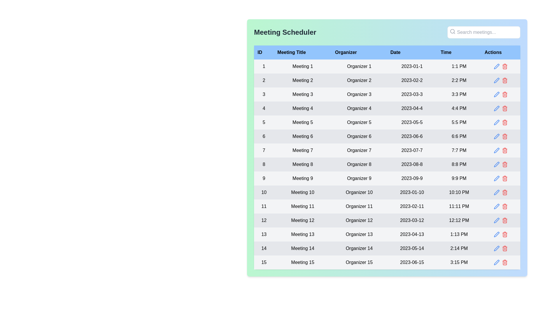 The width and height of the screenshot is (560, 315). Describe the element at coordinates (412, 164) in the screenshot. I see `the static text displaying the date '2023-08-8' in the fourth column of the eighth row of the table for 'Meeting 8'` at that location.